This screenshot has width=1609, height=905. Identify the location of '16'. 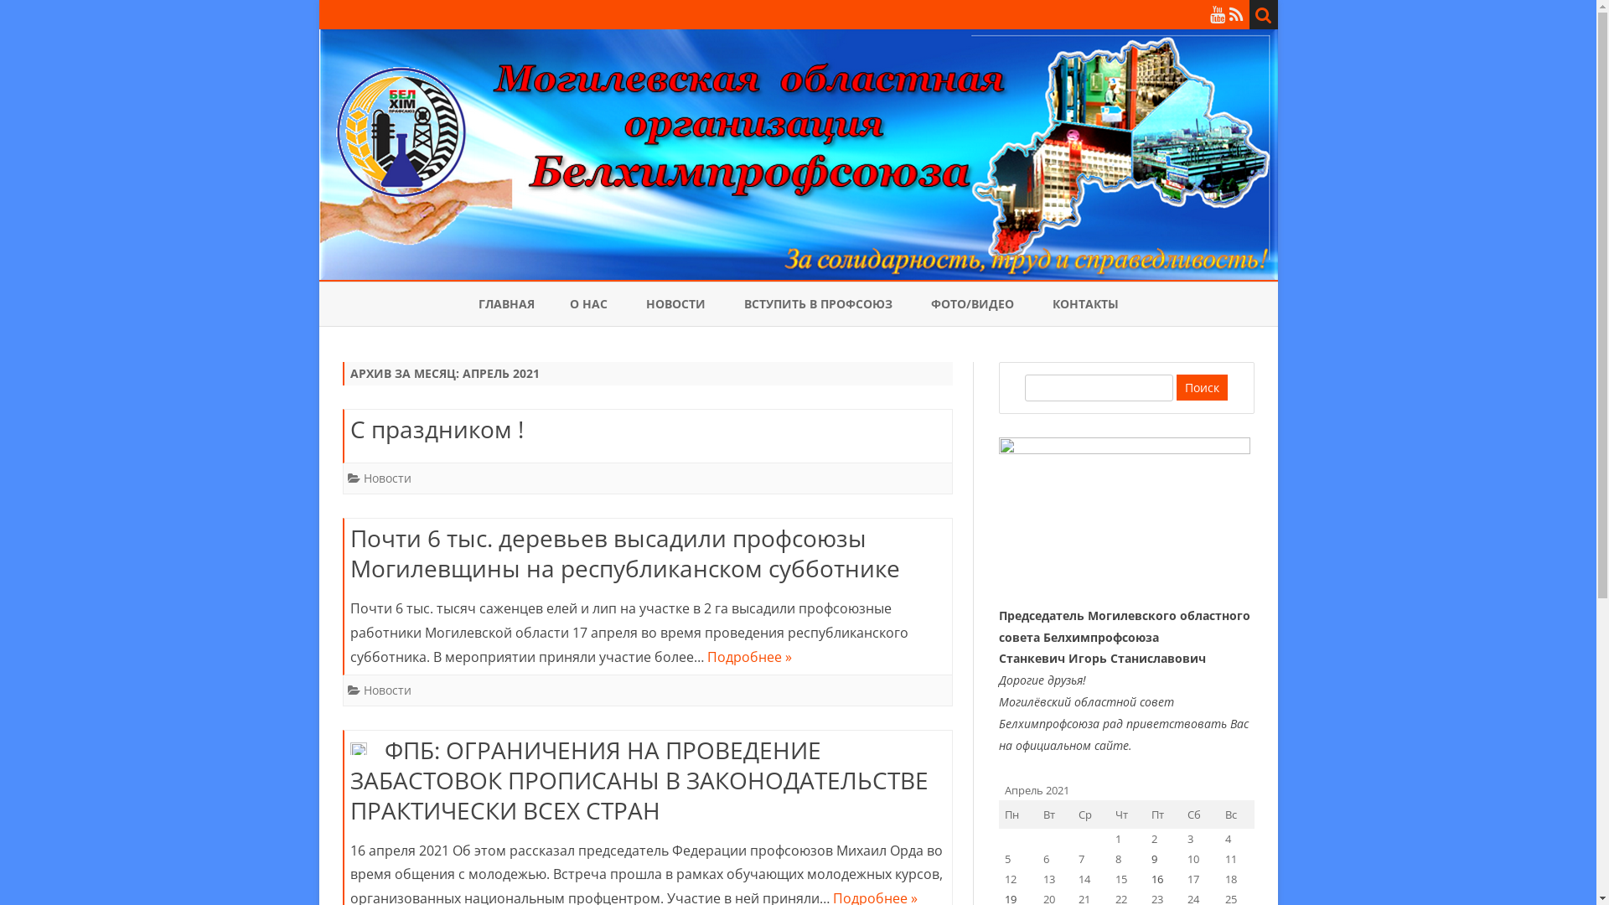
(1150, 878).